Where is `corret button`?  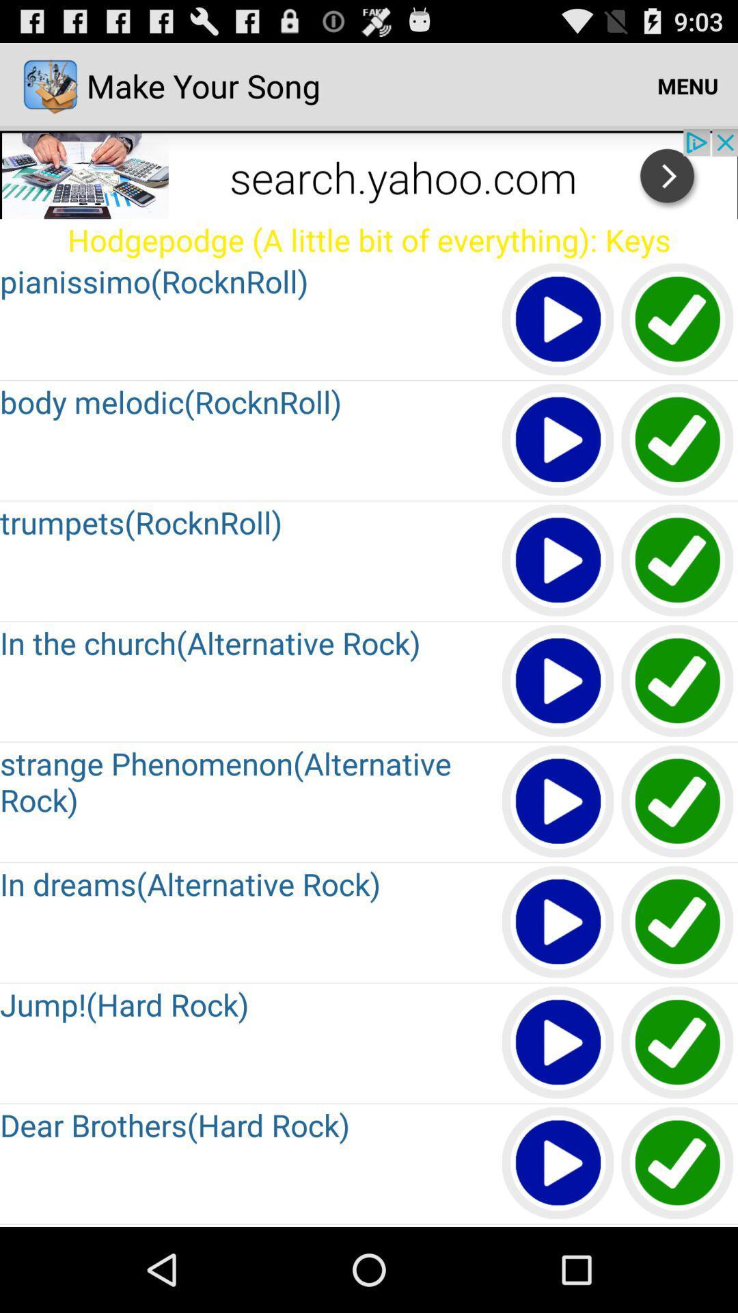 corret button is located at coordinates (678, 923).